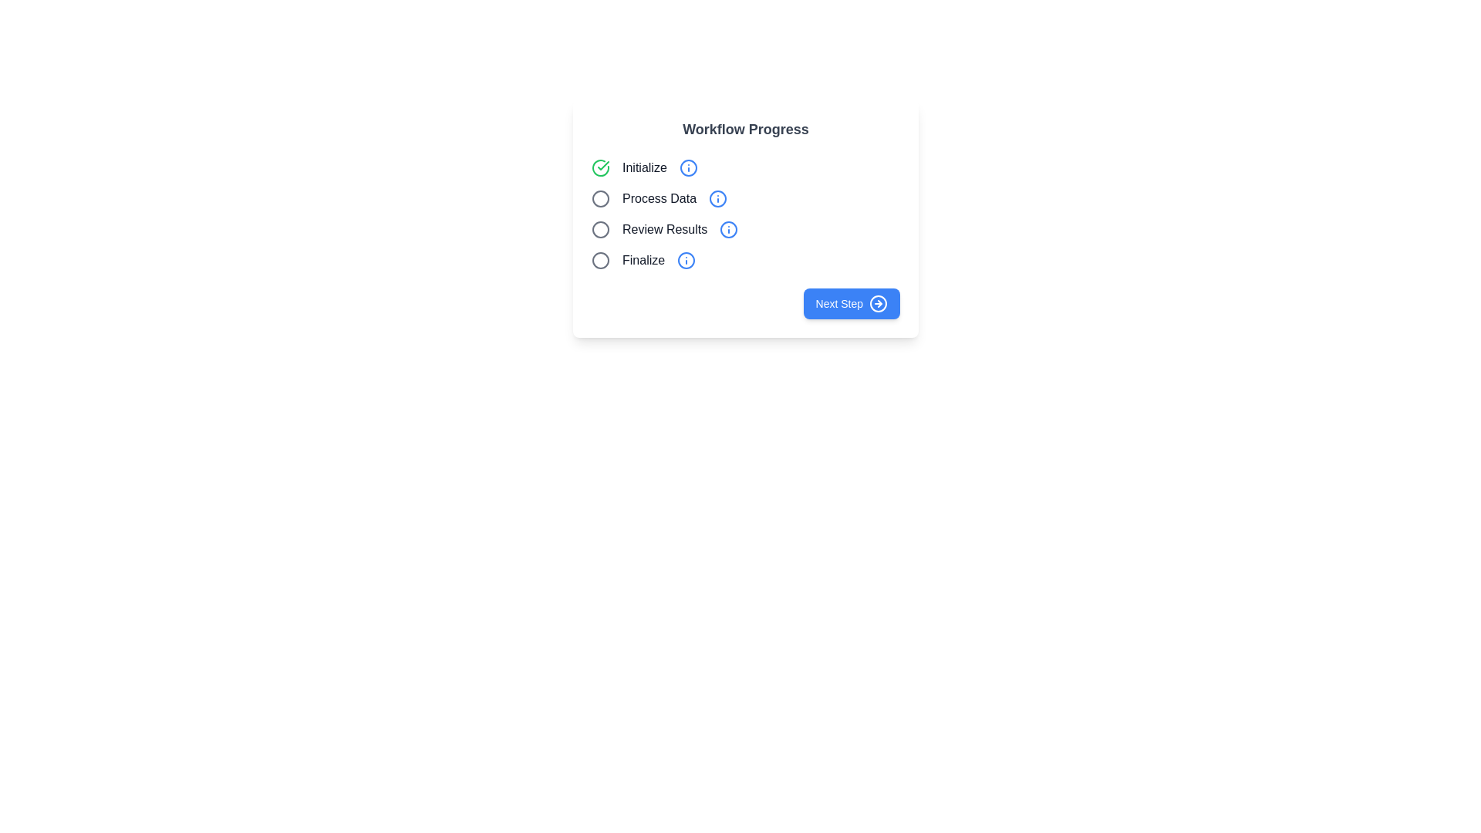 The image size is (1481, 833). I want to click on the 'Review Results' label in the 'Workflow Progress' section, which is the third option in a vertical list, positioned below 'Process Data' and above 'Finalize', so click(665, 229).